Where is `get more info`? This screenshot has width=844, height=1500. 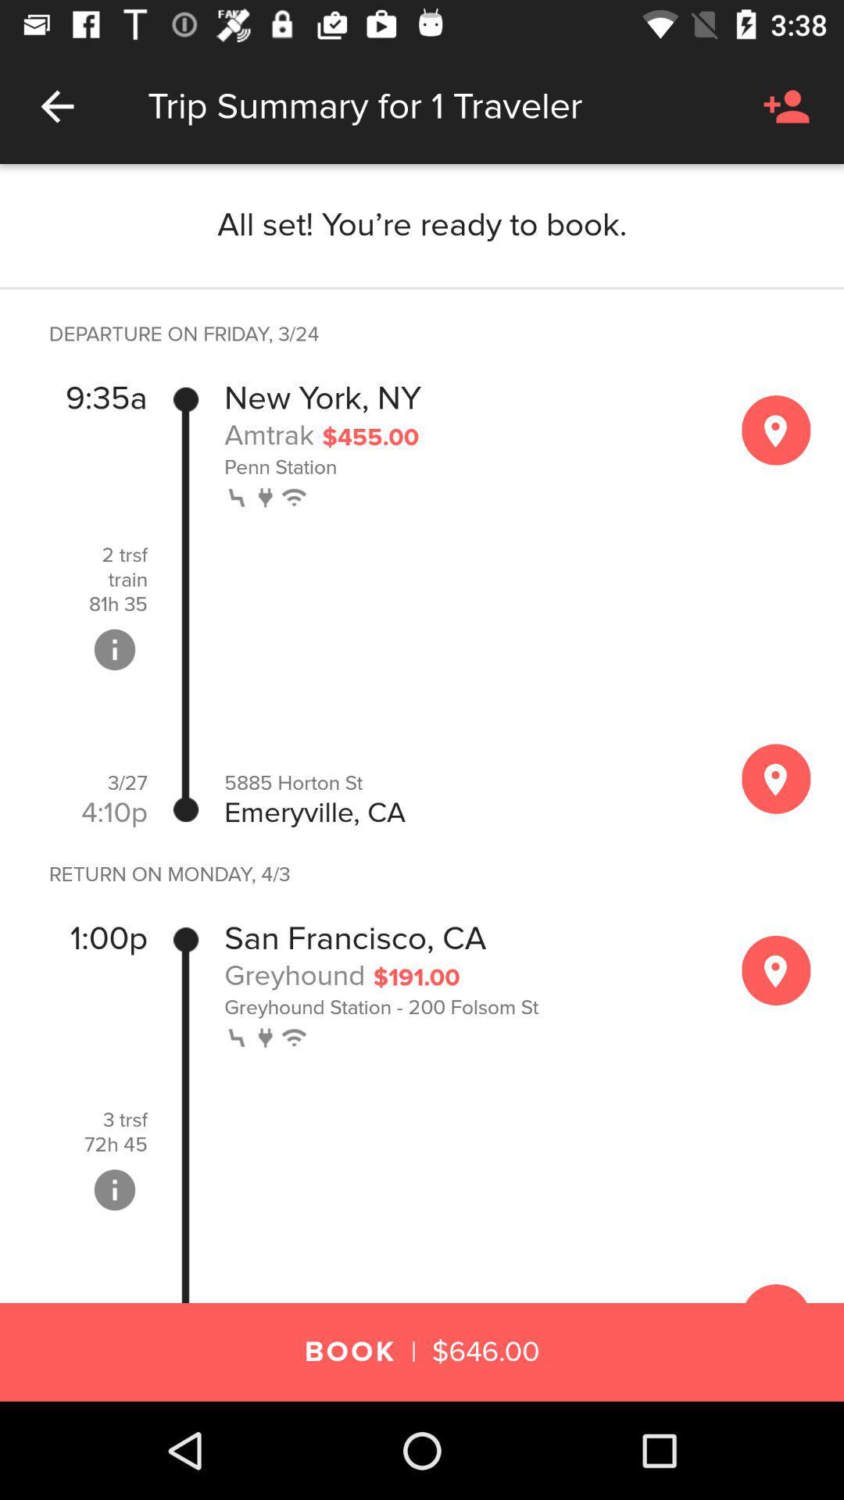 get more info is located at coordinates (113, 1189).